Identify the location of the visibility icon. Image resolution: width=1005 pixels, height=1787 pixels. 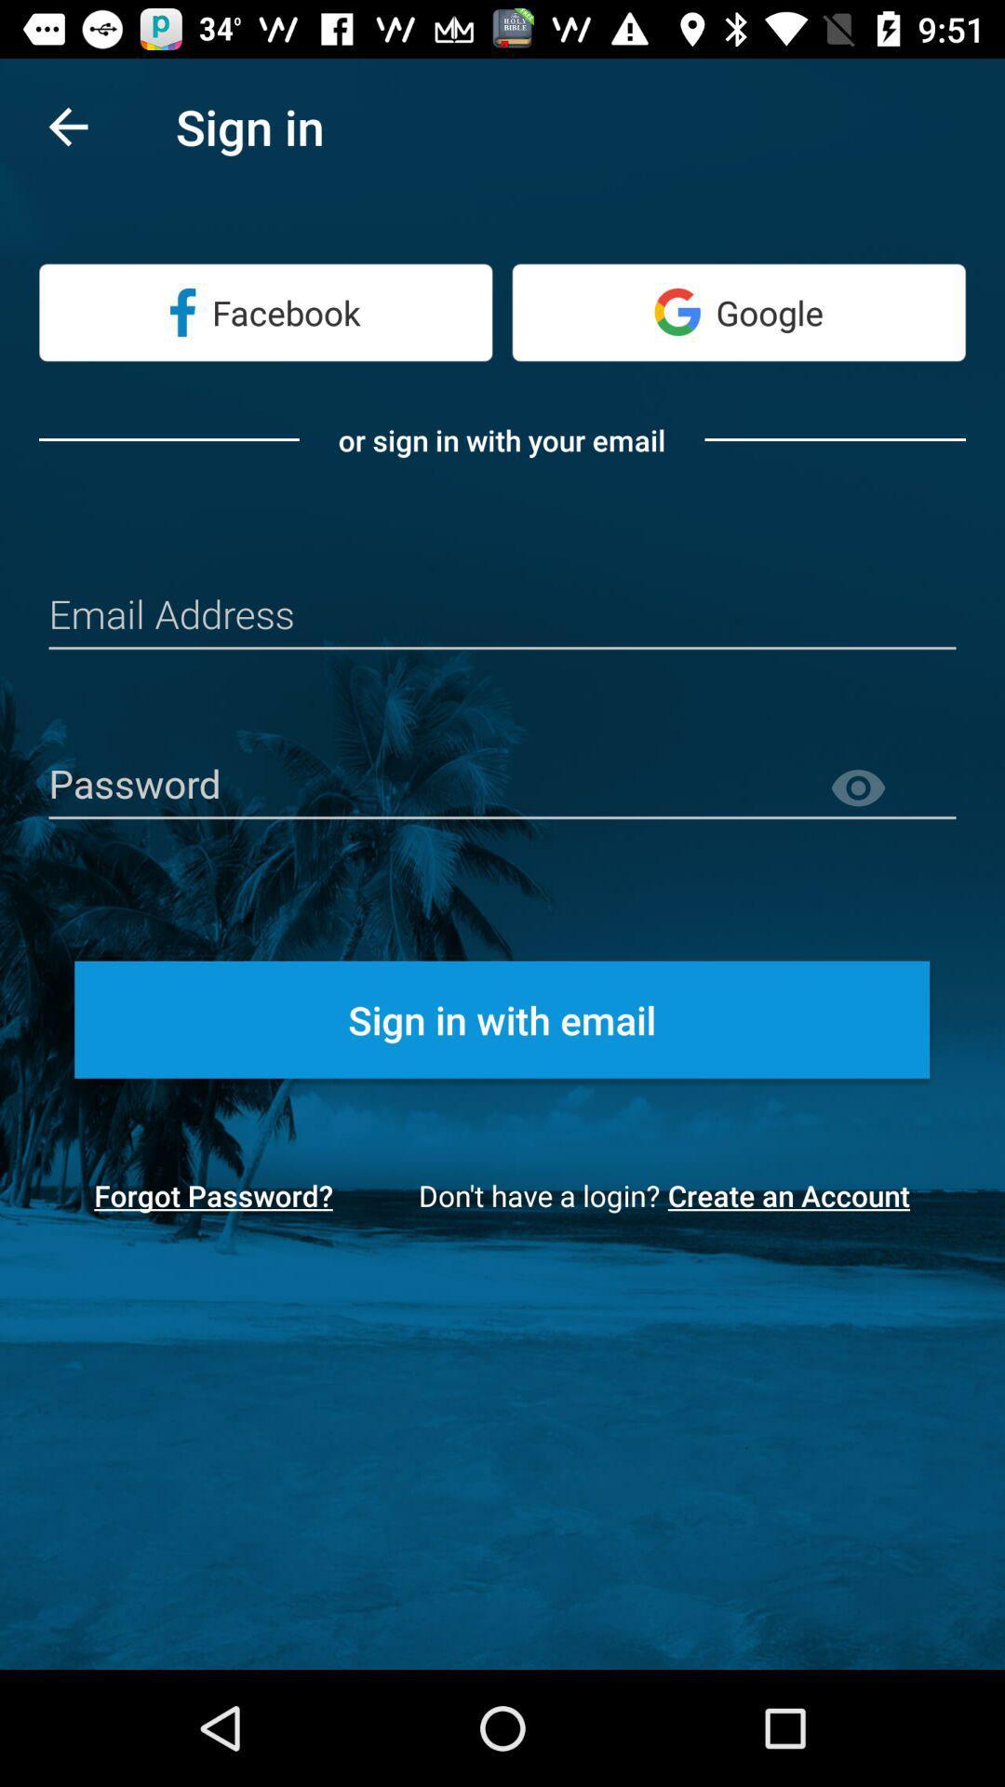
(891, 788).